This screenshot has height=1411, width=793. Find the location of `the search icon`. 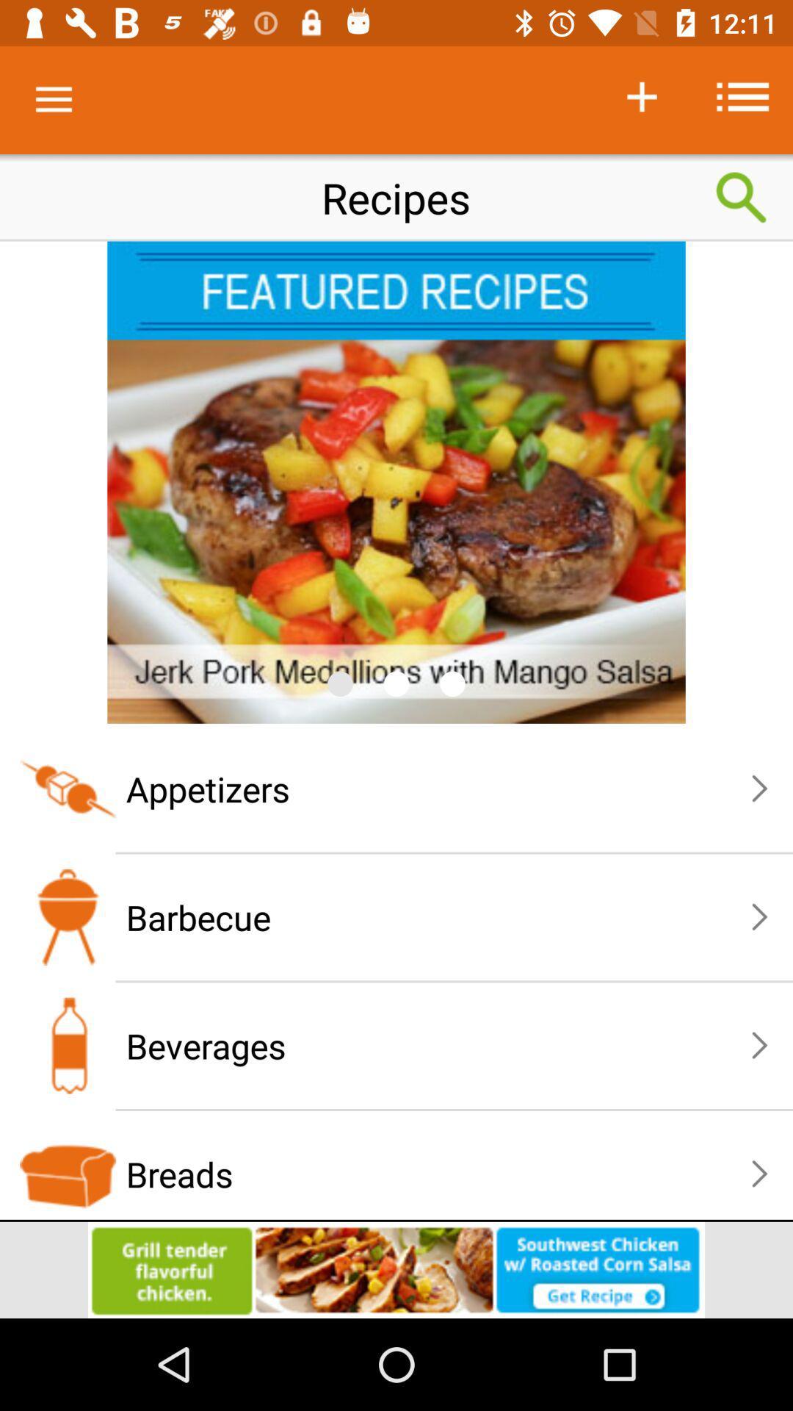

the search icon is located at coordinates (742, 197).